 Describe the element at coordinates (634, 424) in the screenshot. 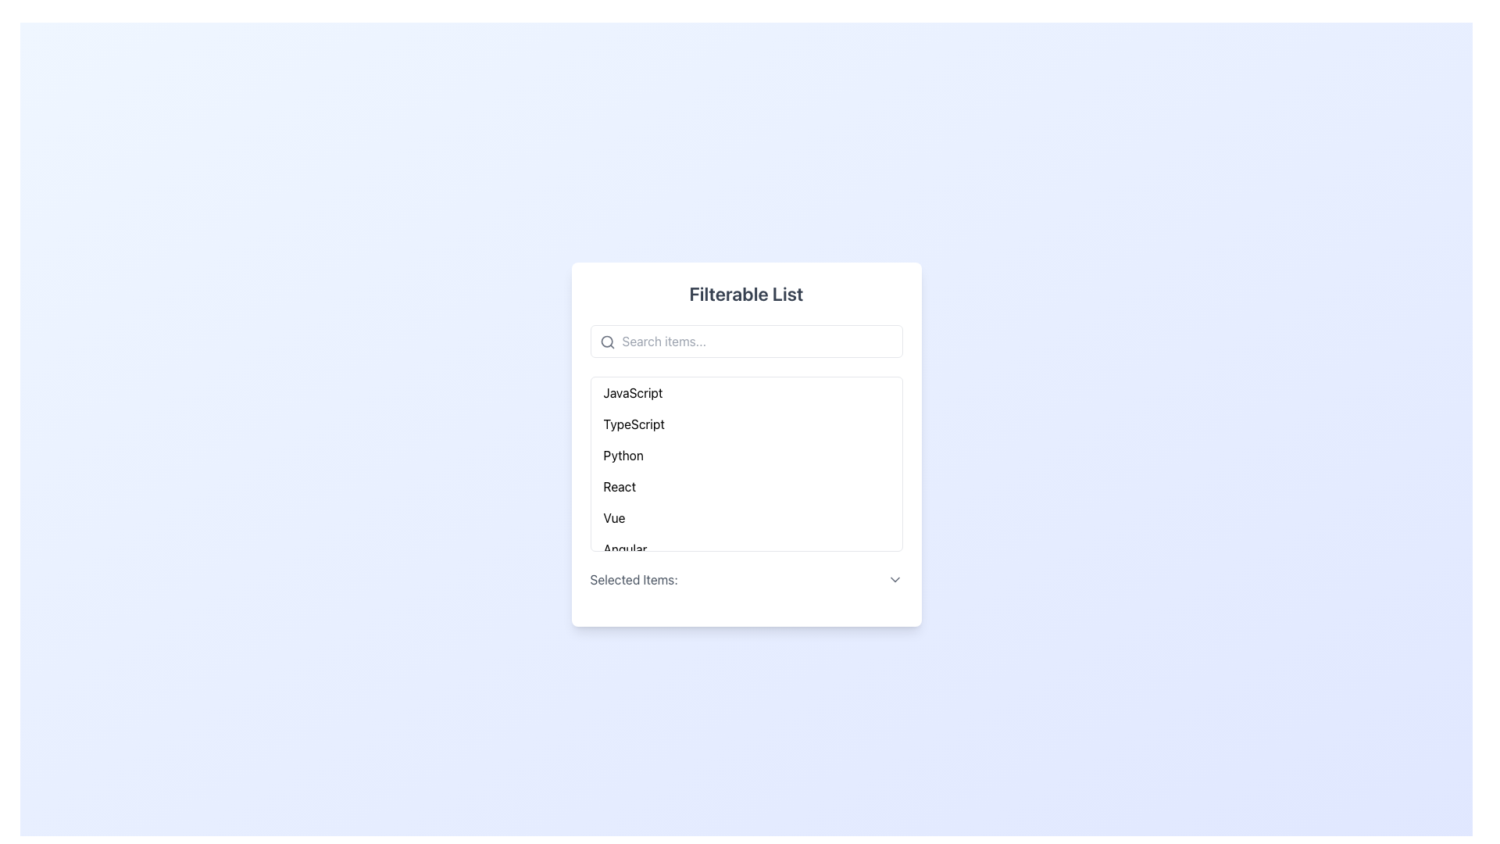

I see `the selectable list item labeled 'TypeScript'` at that location.